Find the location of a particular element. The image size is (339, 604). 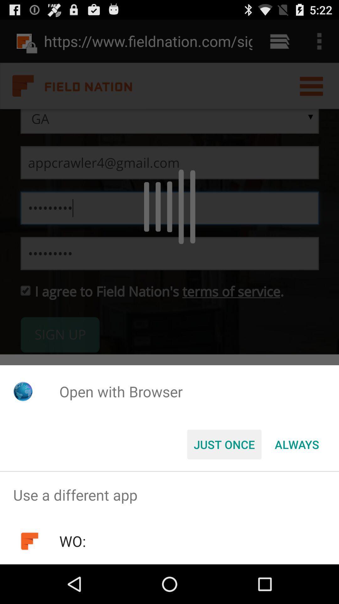

the wo: app is located at coordinates (72, 541).